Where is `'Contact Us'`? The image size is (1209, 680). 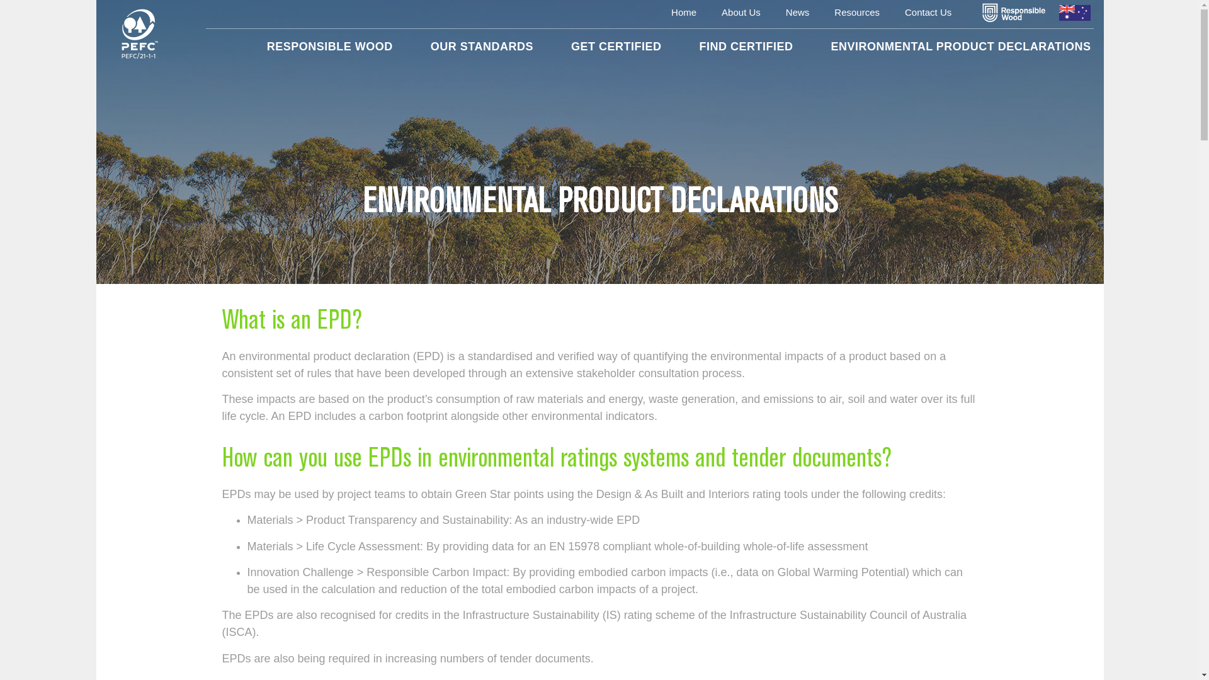 'Contact Us' is located at coordinates (928, 12).